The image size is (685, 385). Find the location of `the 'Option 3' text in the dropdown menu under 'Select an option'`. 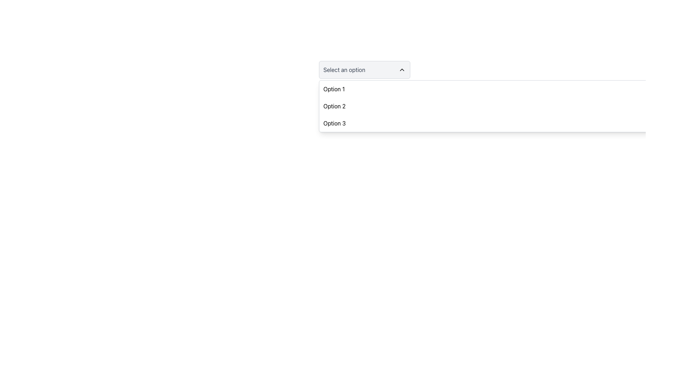

the 'Option 3' text in the dropdown menu under 'Select an option' is located at coordinates (334, 123).